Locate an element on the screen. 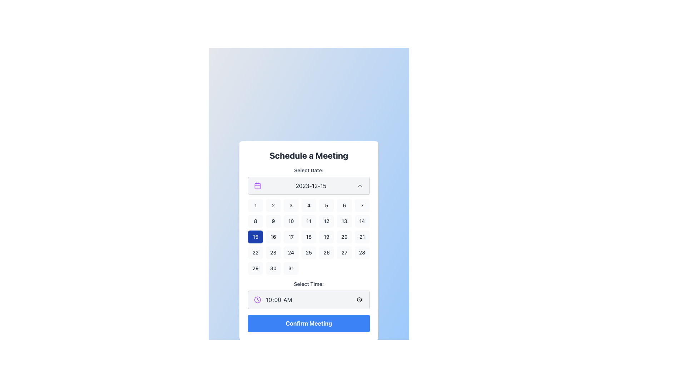 This screenshot has height=386, width=686. the selectable day button representing the fourth day of the month in the calendar interface is located at coordinates (309, 205).